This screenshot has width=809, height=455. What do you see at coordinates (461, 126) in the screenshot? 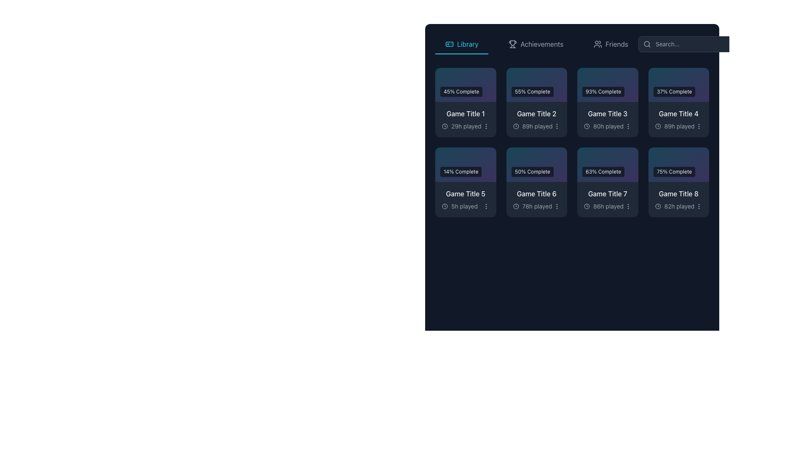
I see `the A labeled text component with the clock icon and the text '29h played', which is located below the title of 'Game Title 1'` at bounding box center [461, 126].